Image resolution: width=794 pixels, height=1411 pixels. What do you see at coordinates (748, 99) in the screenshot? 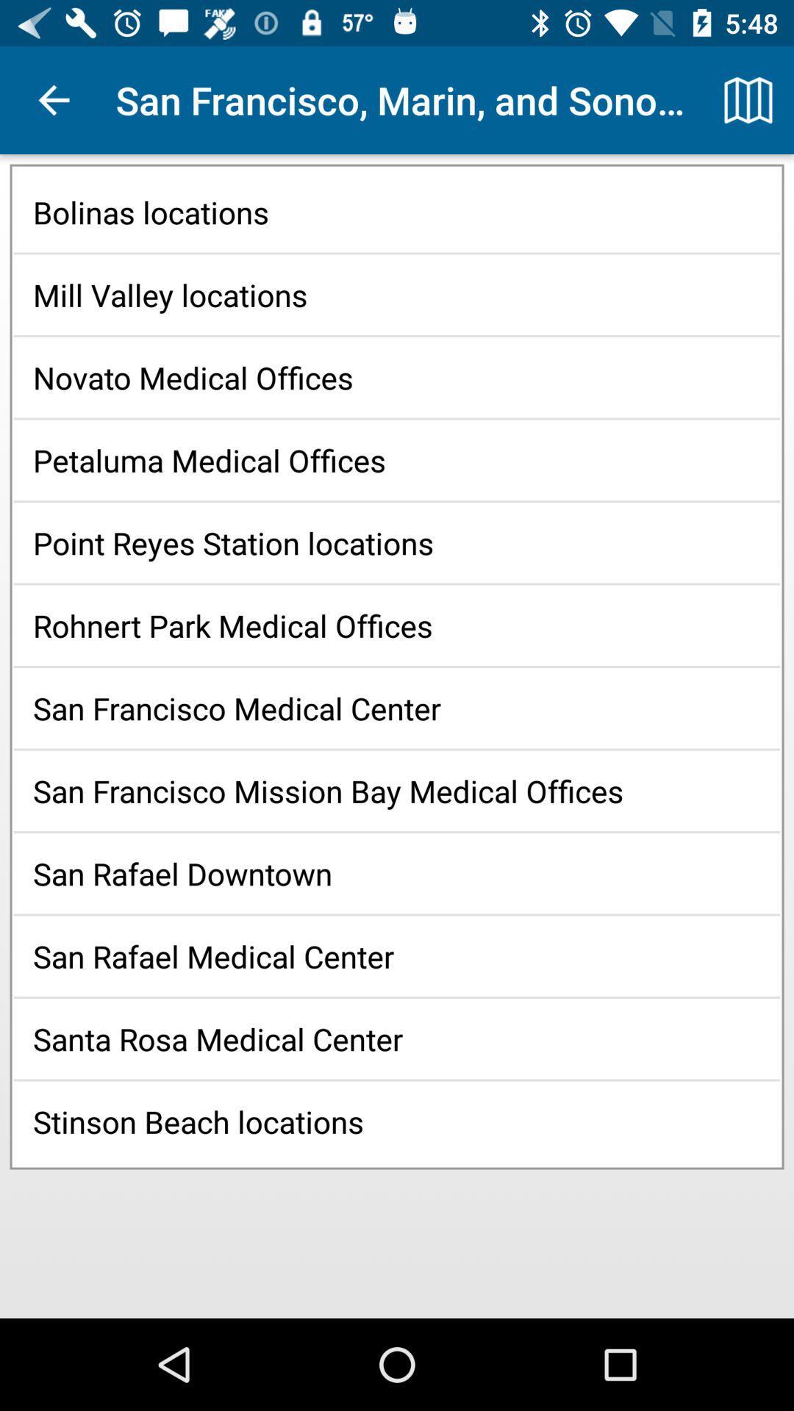
I see `icon at the top right corner` at bounding box center [748, 99].